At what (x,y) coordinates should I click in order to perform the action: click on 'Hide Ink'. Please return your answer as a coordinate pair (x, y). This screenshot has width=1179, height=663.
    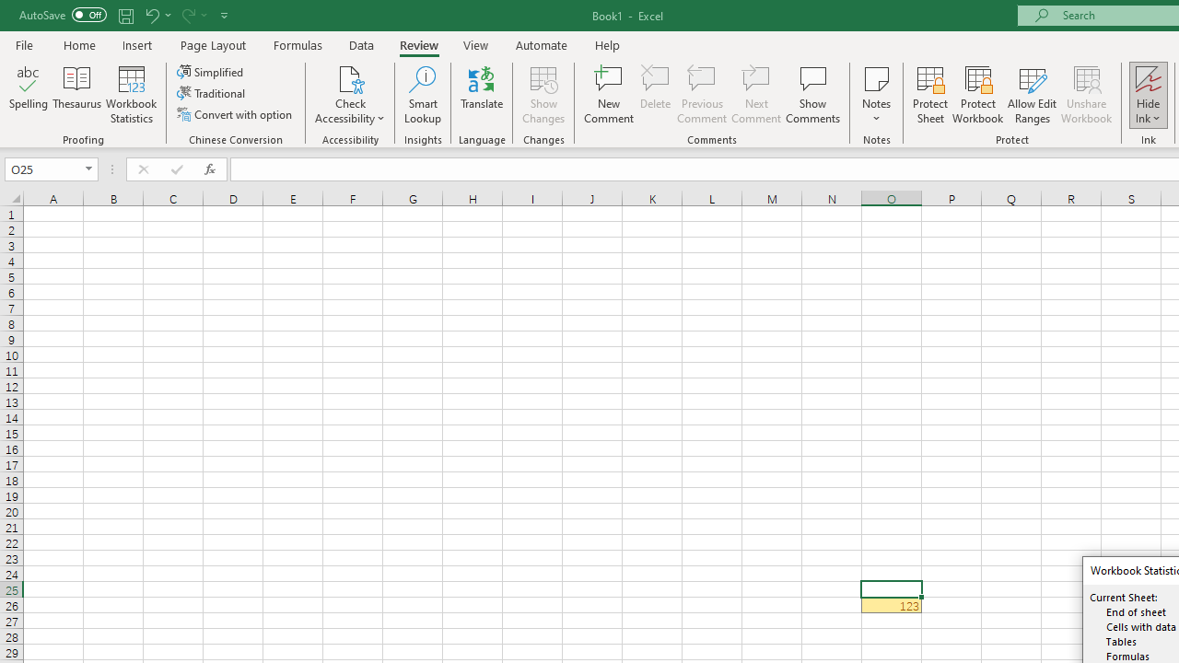
    Looking at the image, I should click on (1148, 77).